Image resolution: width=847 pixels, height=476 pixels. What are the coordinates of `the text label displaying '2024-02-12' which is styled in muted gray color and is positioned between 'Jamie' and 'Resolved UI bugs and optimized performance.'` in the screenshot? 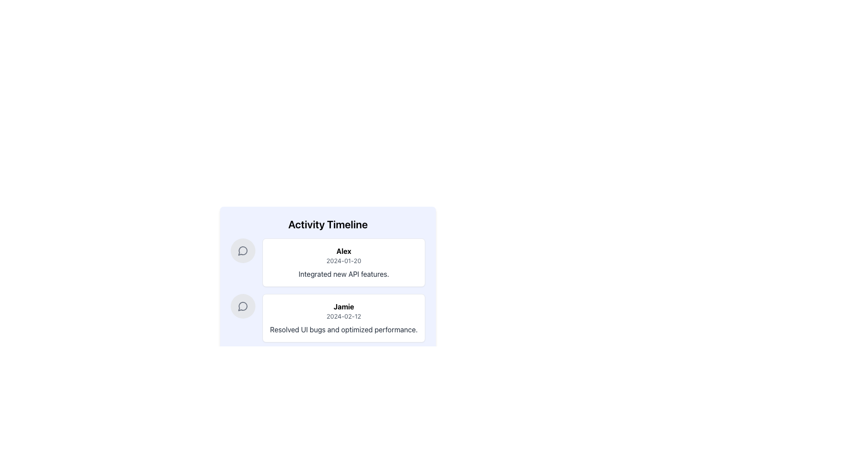 It's located at (343, 316).